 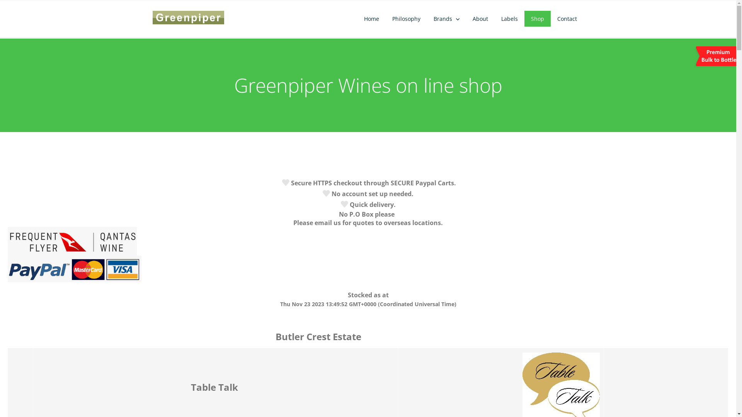 What do you see at coordinates (567, 18) in the screenshot?
I see `'Contact'` at bounding box center [567, 18].